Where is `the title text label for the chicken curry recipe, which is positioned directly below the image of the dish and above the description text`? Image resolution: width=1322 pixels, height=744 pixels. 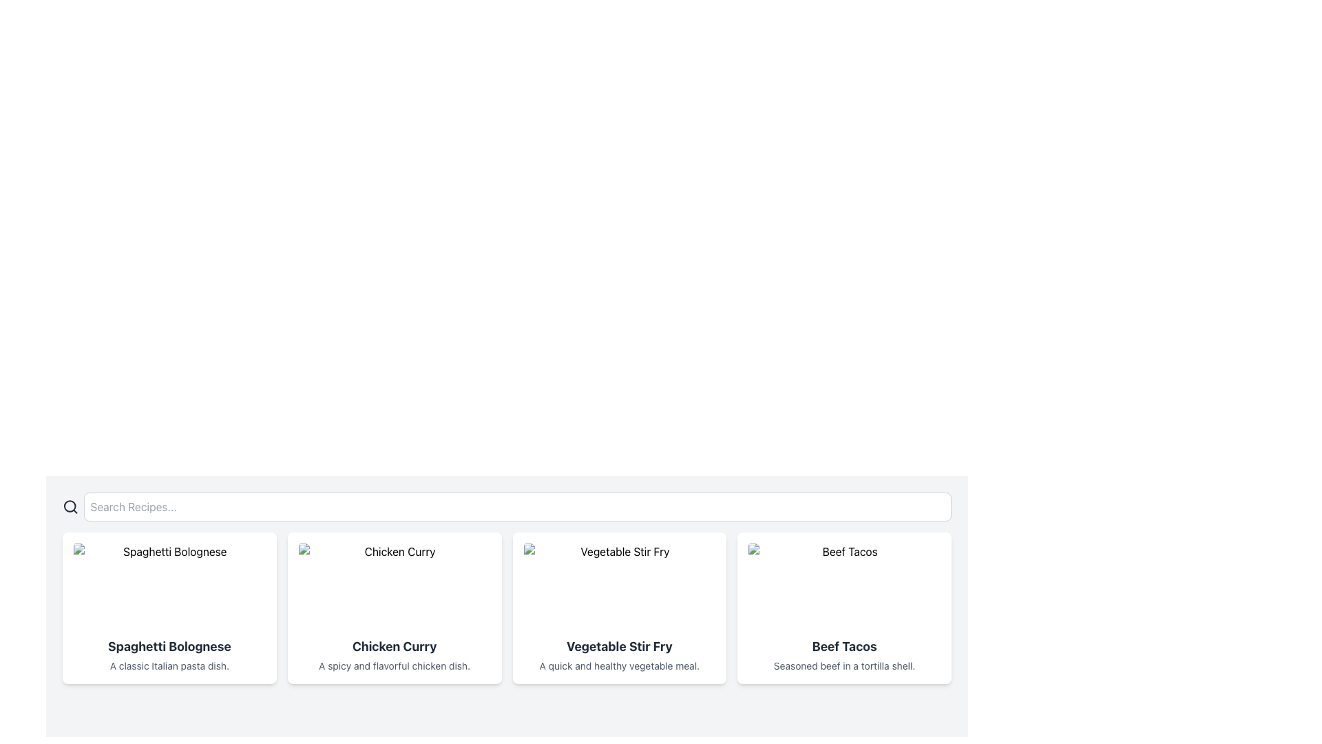
the title text label for the chicken curry recipe, which is positioned directly below the image of the dish and above the description text is located at coordinates (394, 646).